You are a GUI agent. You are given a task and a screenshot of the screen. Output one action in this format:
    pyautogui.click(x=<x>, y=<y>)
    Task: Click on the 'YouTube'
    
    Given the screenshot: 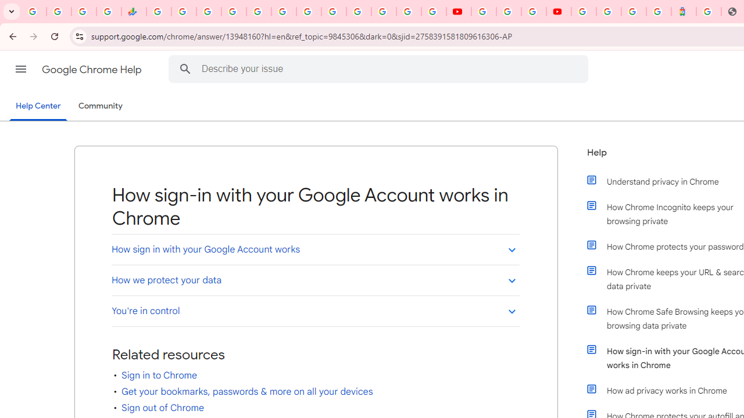 What is the action you would take?
    pyautogui.click(x=484, y=12)
    